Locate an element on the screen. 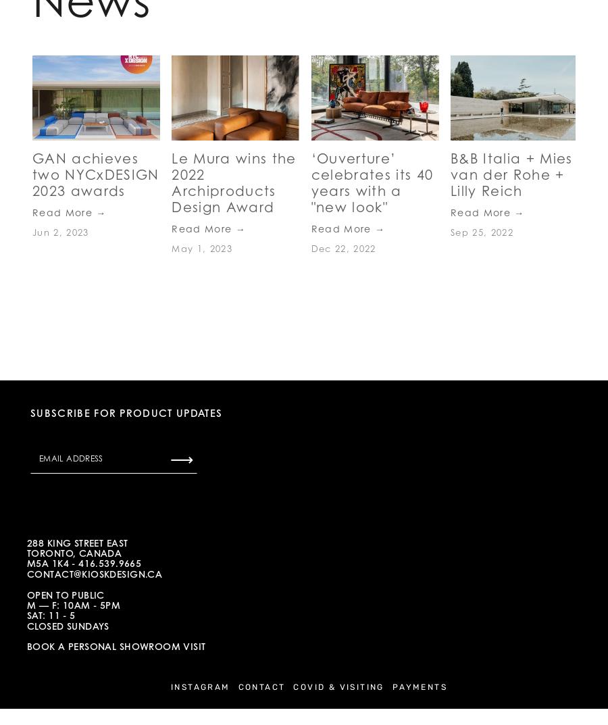 This screenshot has height=725, width=608. 'Jun 2, 2023' is located at coordinates (59, 232).